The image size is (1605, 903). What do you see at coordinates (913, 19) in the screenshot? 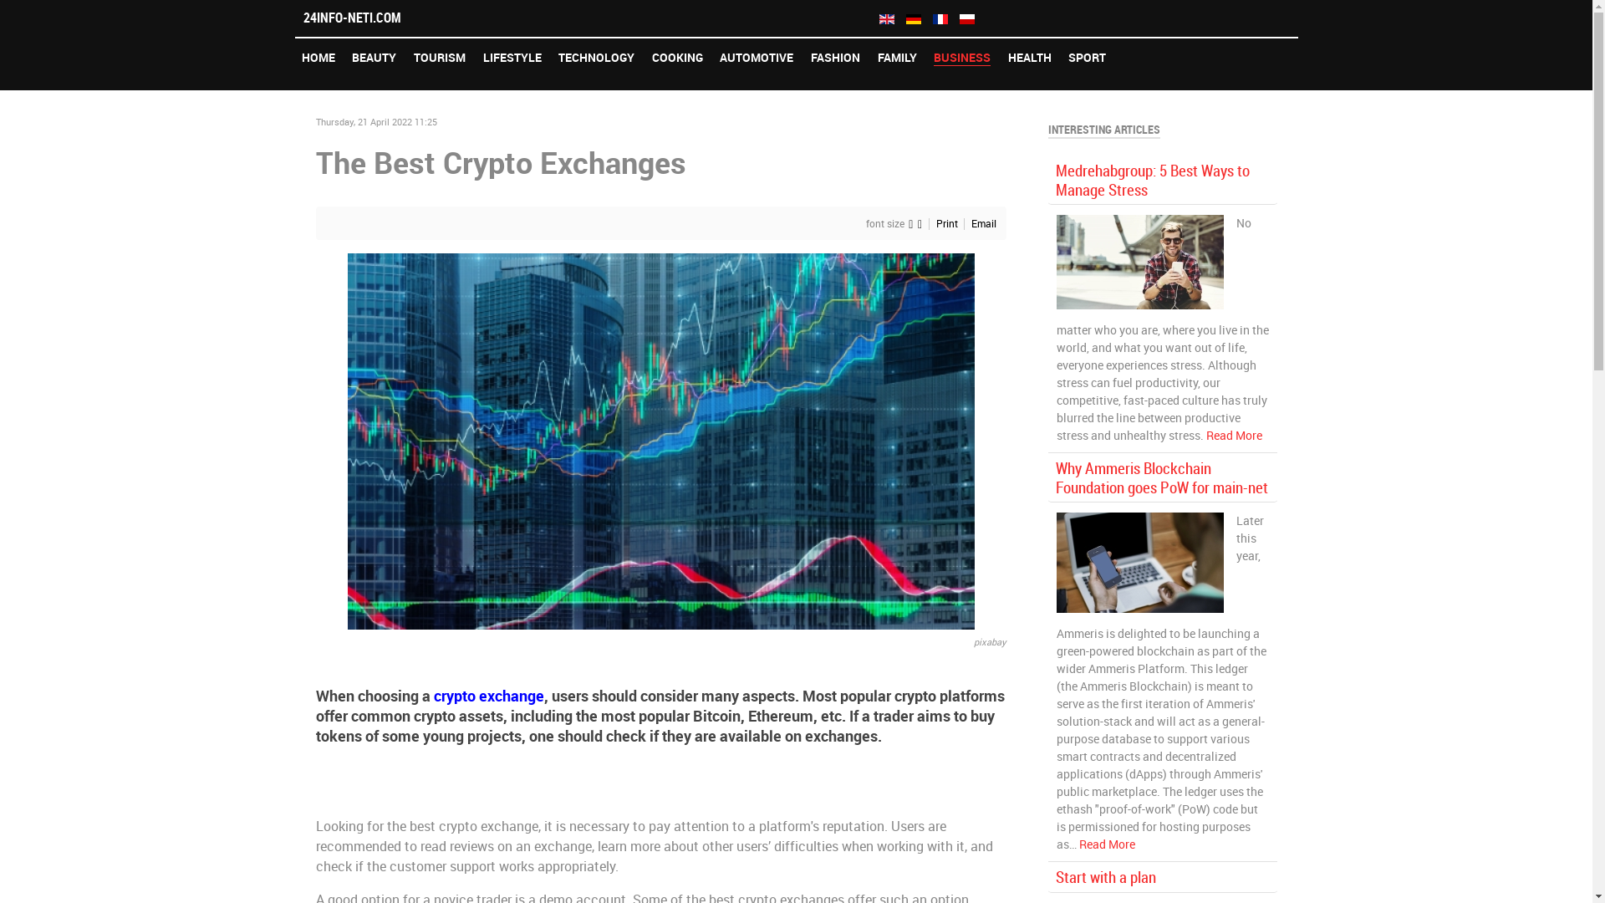
I see `'German (DE)'` at bounding box center [913, 19].